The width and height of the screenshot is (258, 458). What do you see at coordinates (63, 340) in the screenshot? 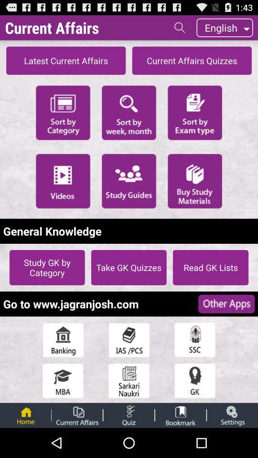
I see `banking menu` at bounding box center [63, 340].